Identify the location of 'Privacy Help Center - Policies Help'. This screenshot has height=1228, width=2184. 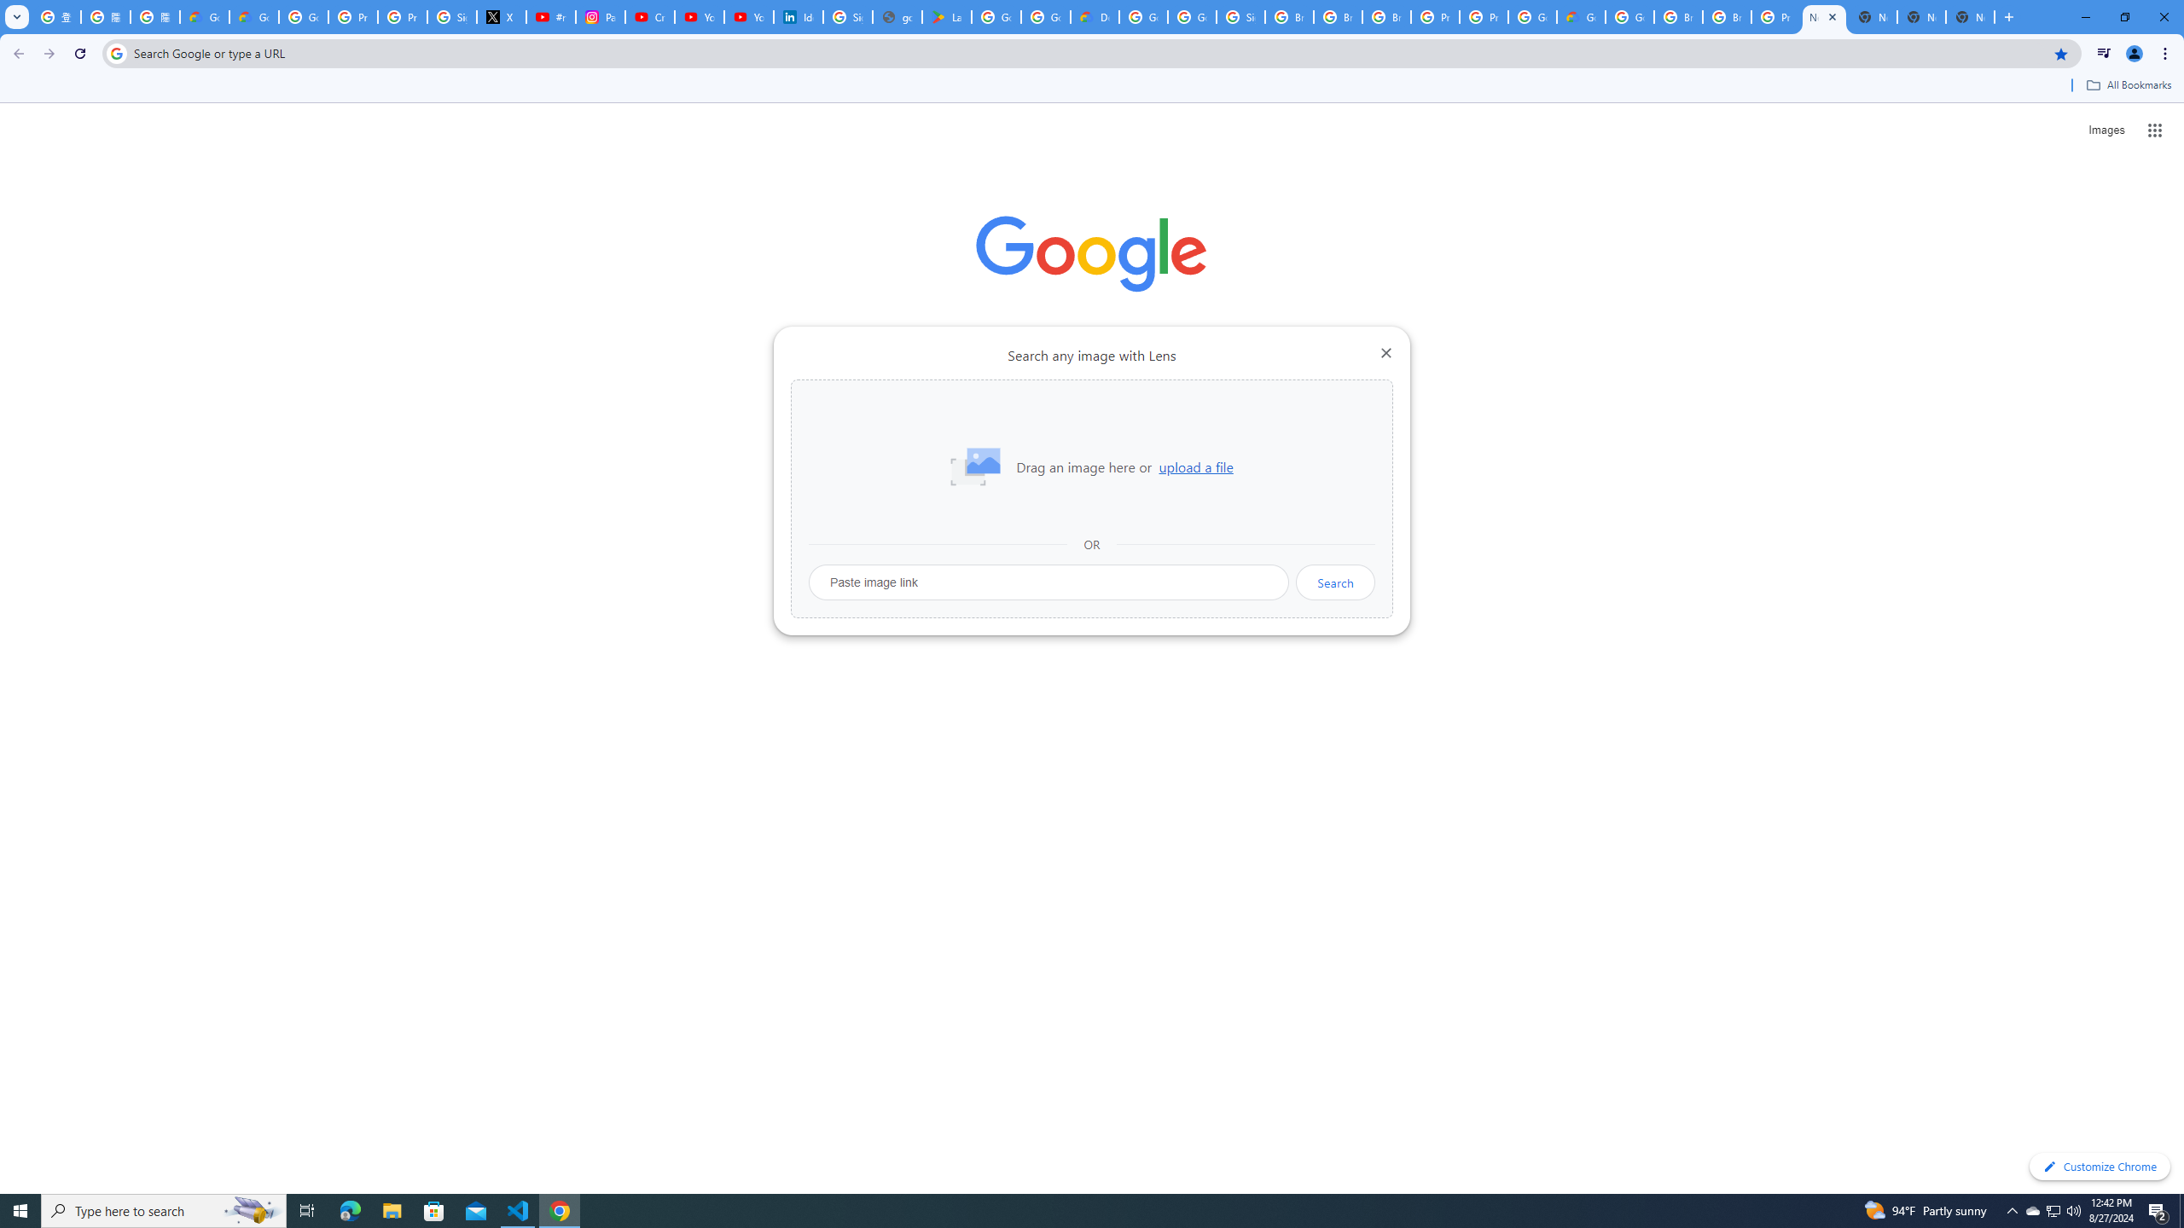
(403, 16).